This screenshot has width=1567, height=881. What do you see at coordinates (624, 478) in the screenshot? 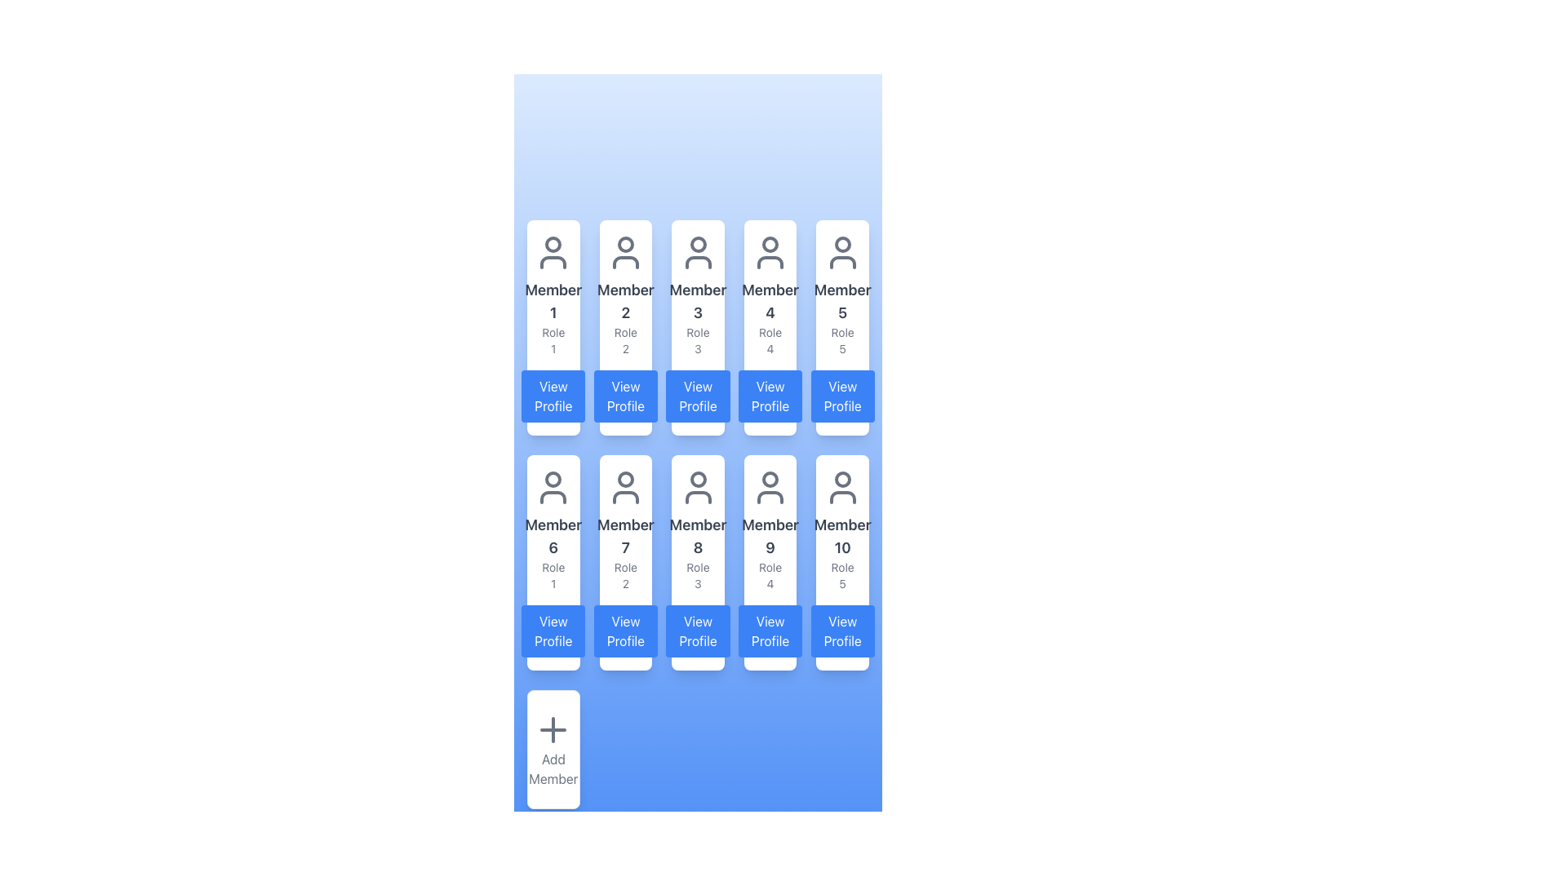
I see `the SVG circle element representing the user profile icon for 'Member 7' in the second row, second column of the user profile grid` at bounding box center [624, 478].